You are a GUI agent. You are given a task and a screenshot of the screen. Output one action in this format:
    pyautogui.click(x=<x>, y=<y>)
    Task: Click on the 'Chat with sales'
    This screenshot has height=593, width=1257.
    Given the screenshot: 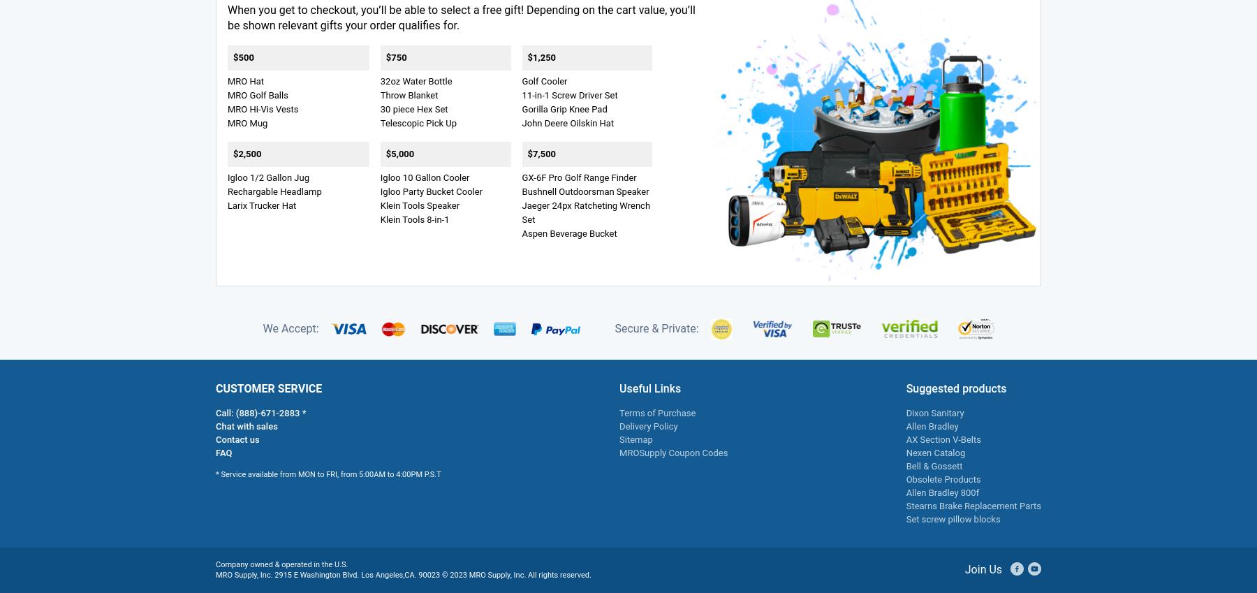 What is the action you would take?
    pyautogui.click(x=246, y=425)
    